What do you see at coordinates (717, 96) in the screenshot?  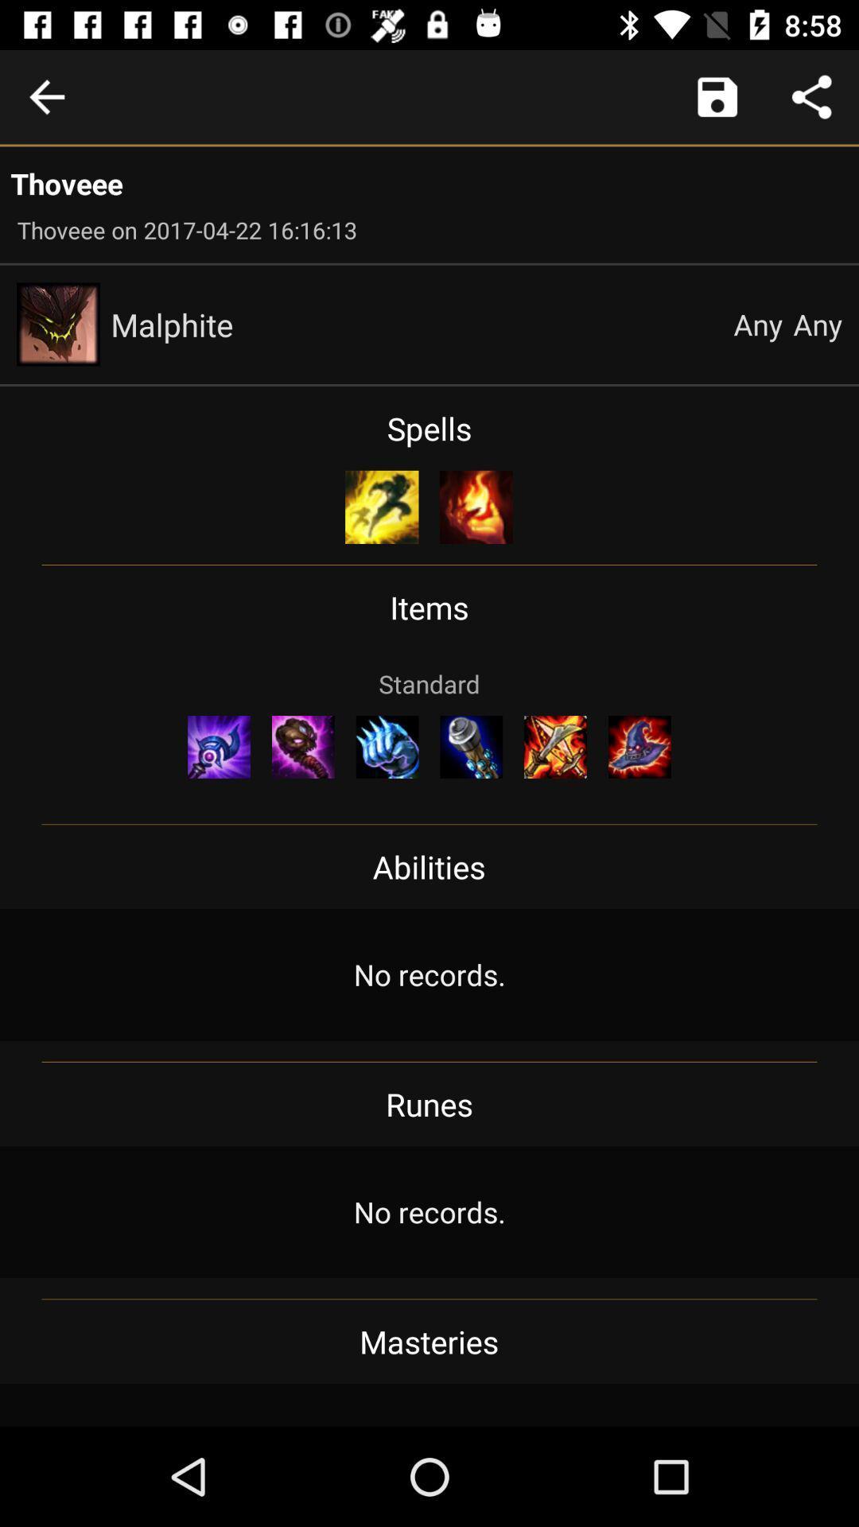 I see `save` at bounding box center [717, 96].